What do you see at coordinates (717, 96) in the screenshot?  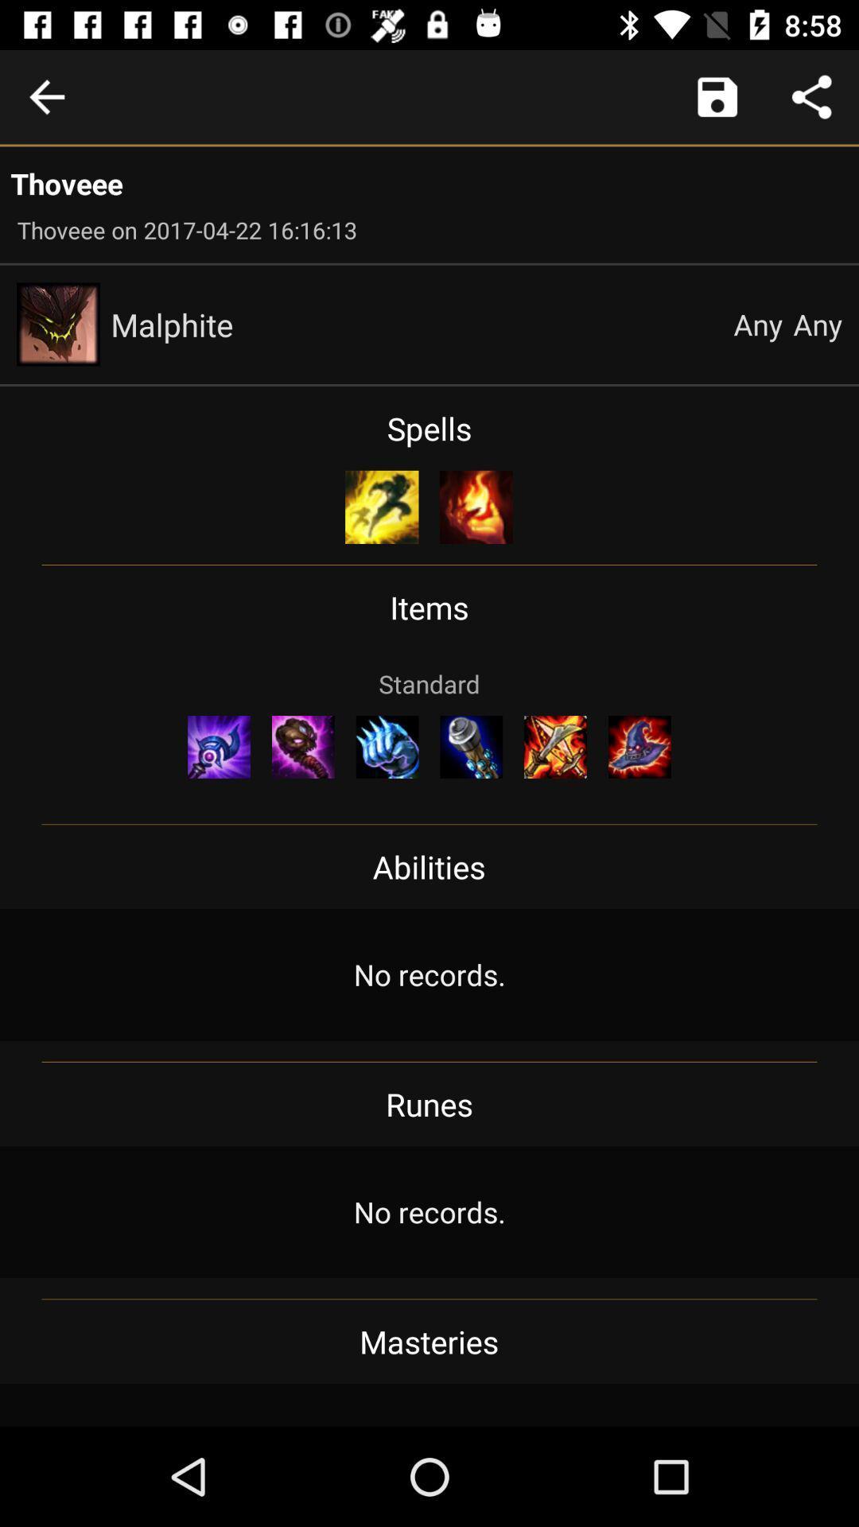 I see `save` at bounding box center [717, 96].